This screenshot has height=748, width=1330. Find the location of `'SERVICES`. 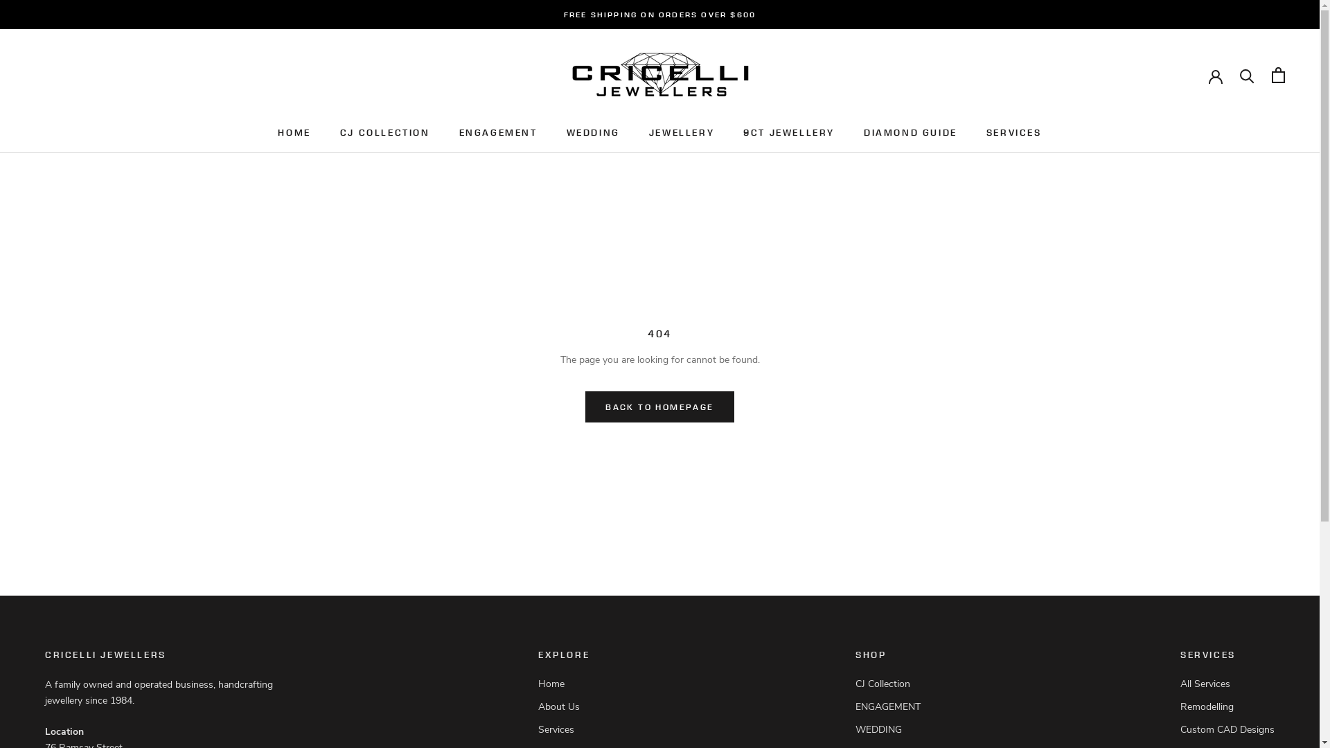

'SERVICES is located at coordinates (1014, 132).